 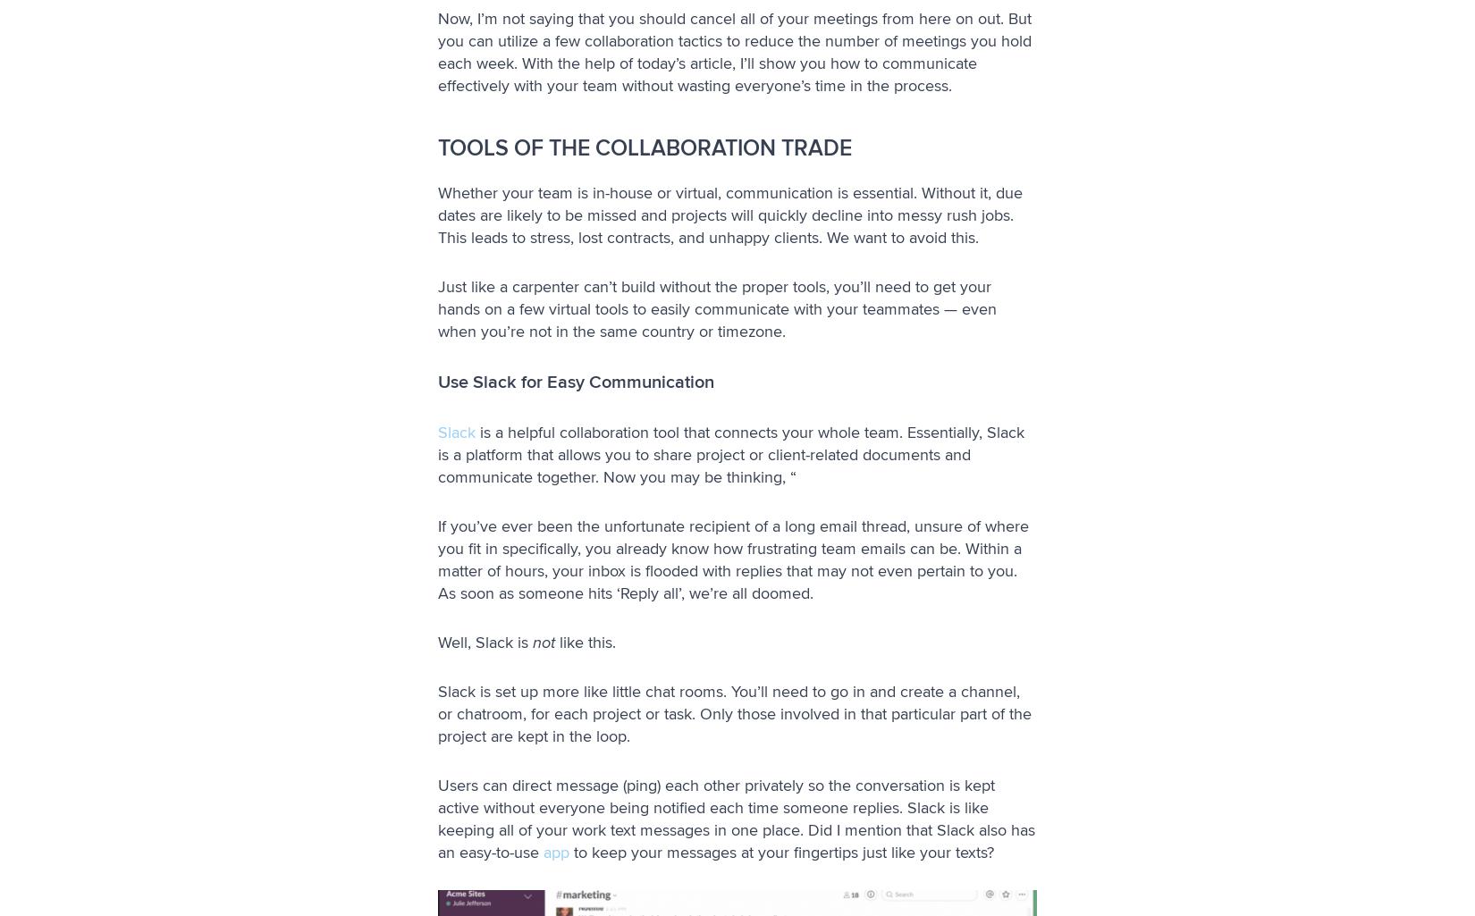 What do you see at coordinates (585, 640) in the screenshot?
I see `'like this.'` at bounding box center [585, 640].